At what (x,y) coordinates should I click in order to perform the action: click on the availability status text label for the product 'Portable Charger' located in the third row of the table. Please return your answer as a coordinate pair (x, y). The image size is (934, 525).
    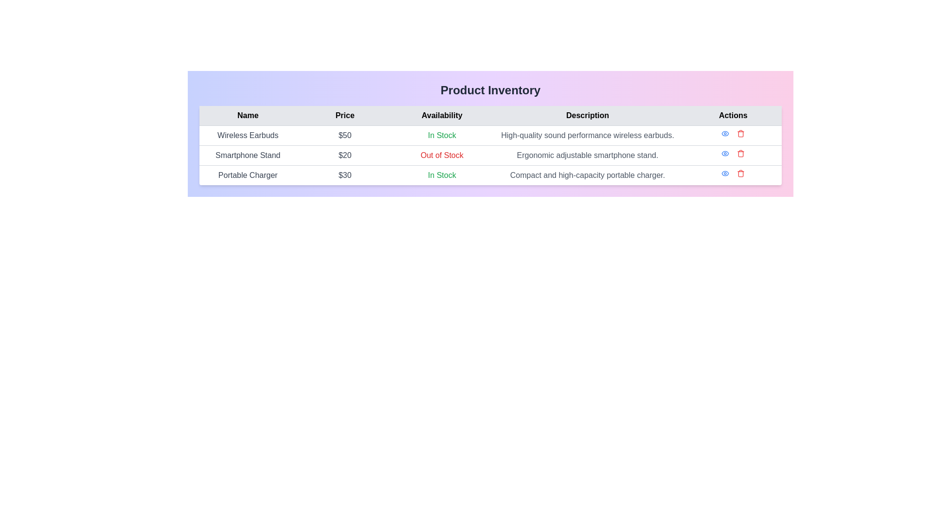
    Looking at the image, I should click on (441, 175).